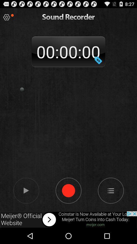  Describe the element at coordinates (110, 190) in the screenshot. I see `home settings` at that location.